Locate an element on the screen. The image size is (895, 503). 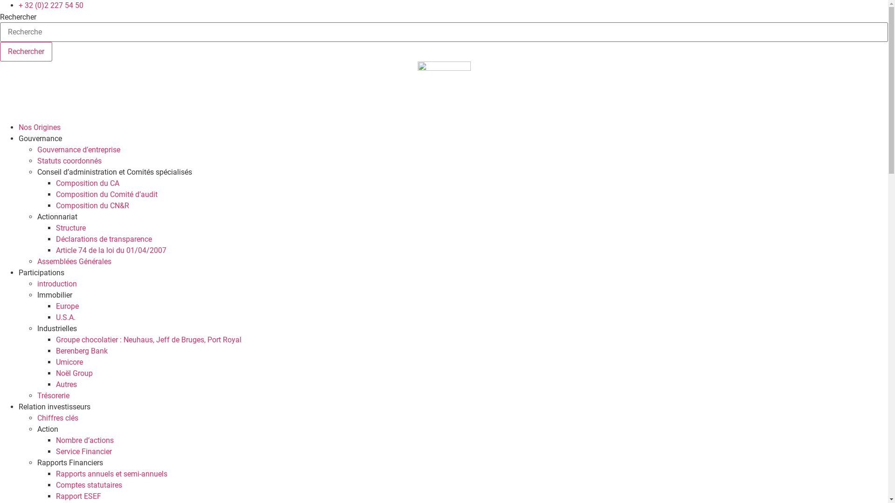
'Berenberg Bank' is located at coordinates (82, 351).